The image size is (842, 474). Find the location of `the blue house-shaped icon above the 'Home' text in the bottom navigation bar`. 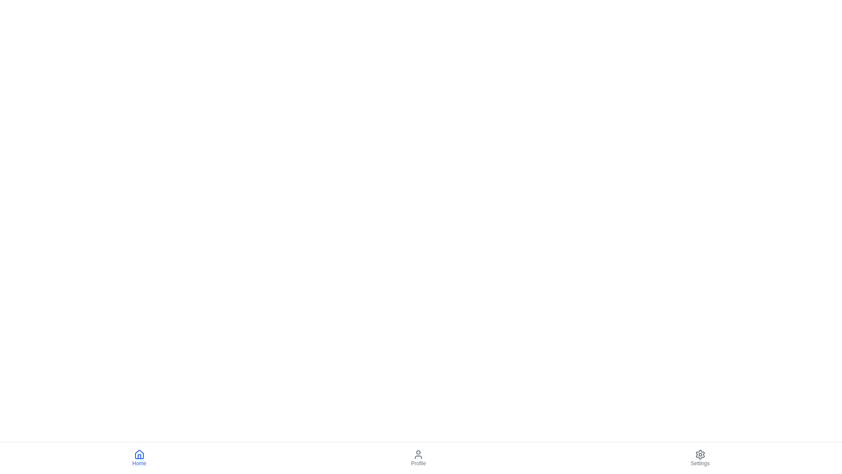

the blue house-shaped icon above the 'Home' text in the bottom navigation bar is located at coordinates (139, 454).